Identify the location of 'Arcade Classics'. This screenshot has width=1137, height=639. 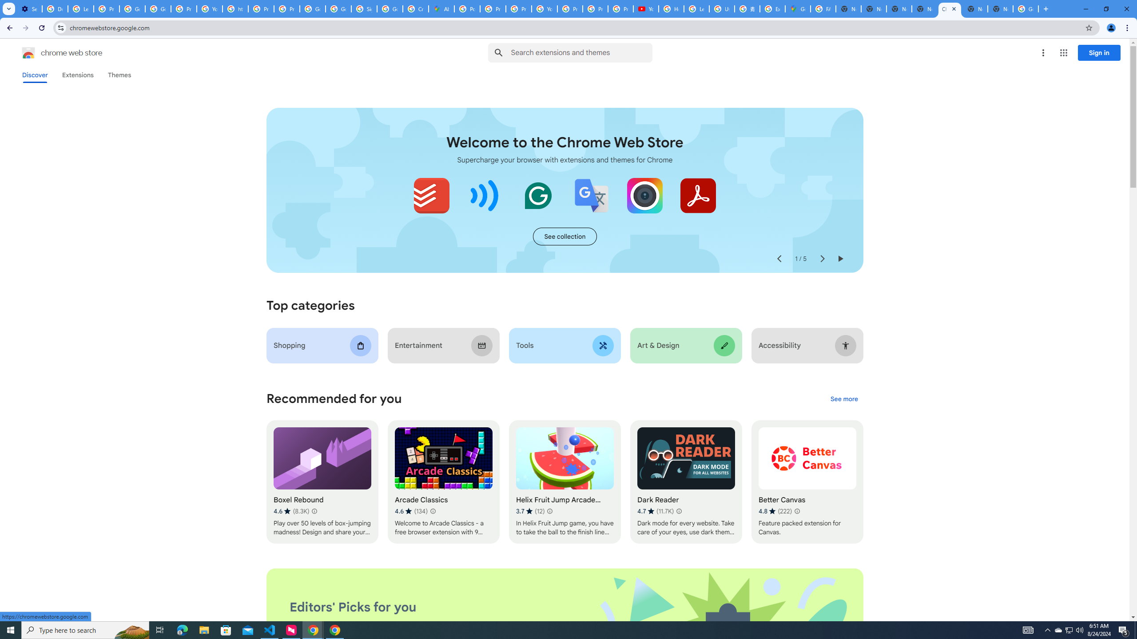
(443, 481).